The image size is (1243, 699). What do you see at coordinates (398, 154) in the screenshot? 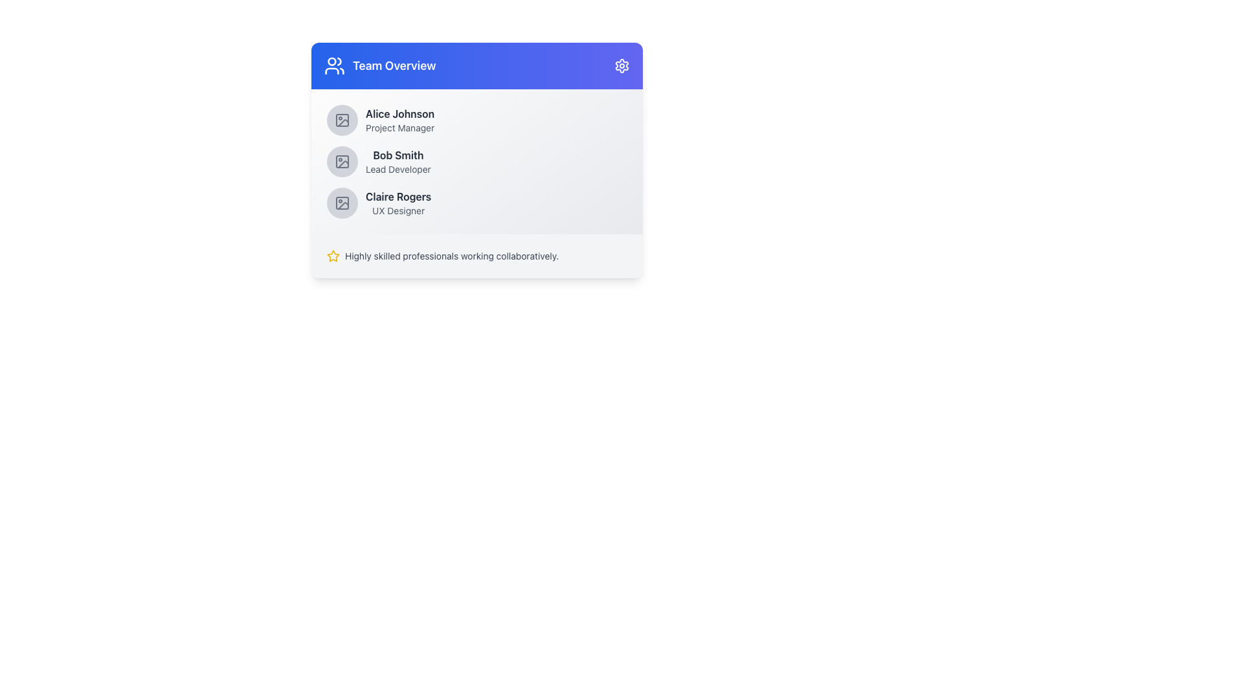
I see `text label displaying the name of an individual located in the second entry of the 'Team Overview' list, positioned above 'Lead Developer' and next to the avatar icon` at bounding box center [398, 154].